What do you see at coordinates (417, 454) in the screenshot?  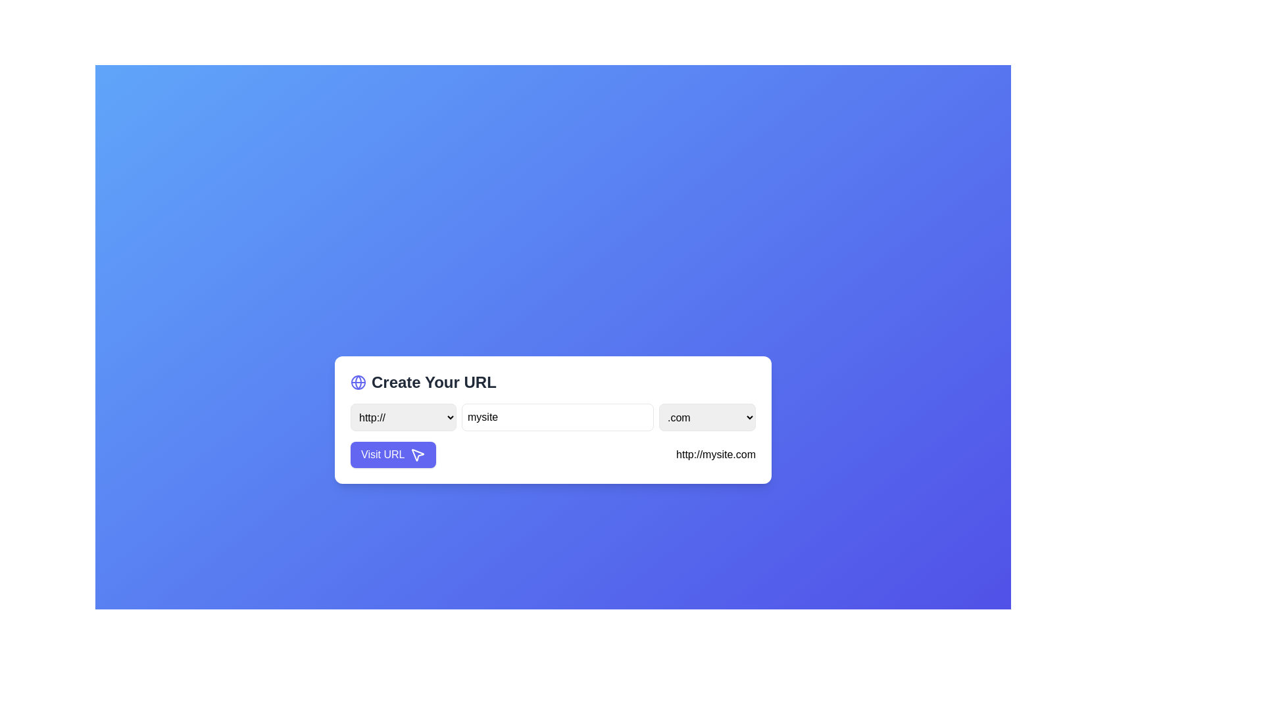 I see `the mouse pointer icon within the 'Visit URL' button, located prominently in the lower center of the interface with a purple background` at bounding box center [417, 454].